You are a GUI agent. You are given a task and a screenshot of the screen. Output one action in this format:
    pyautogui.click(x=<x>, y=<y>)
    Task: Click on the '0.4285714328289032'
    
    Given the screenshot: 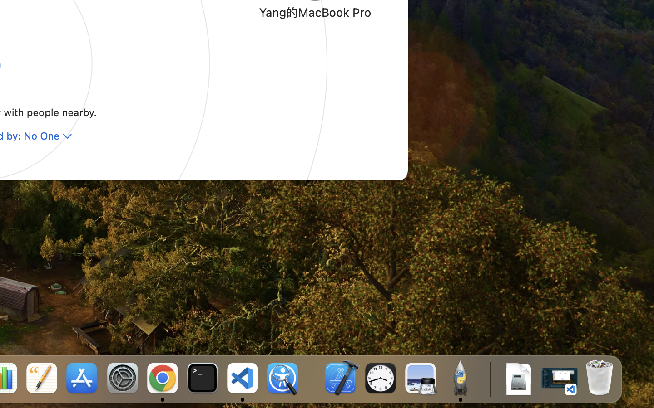 What is the action you would take?
    pyautogui.click(x=311, y=379)
    